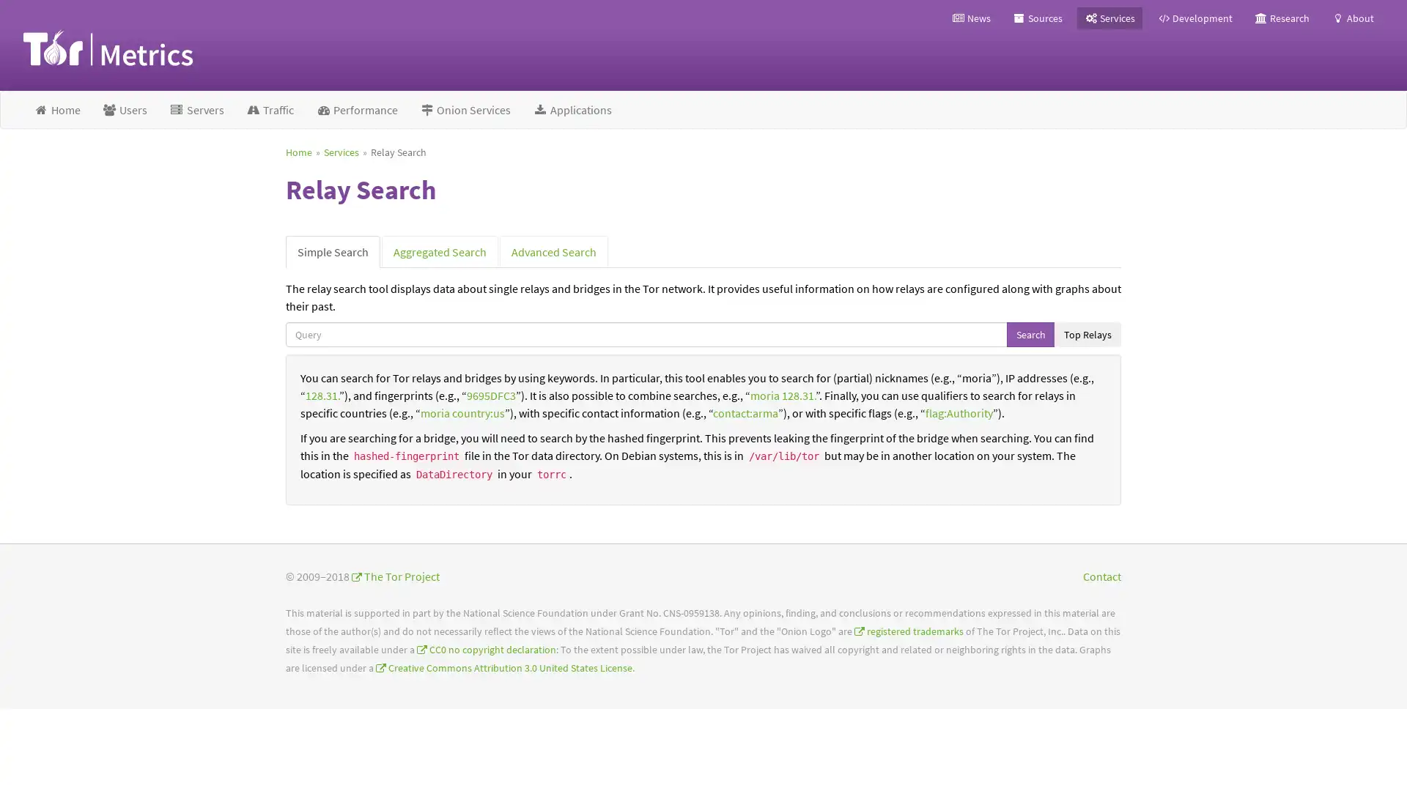  Describe the element at coordinates (1030, 334) in the screenshot. I see `Search` at that location.